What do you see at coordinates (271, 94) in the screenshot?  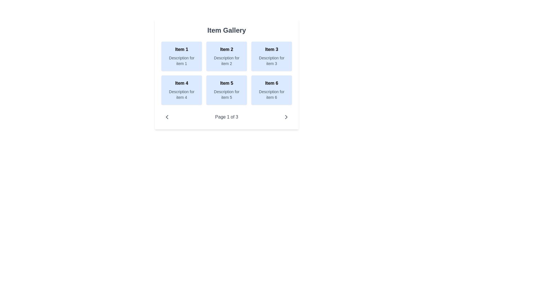 I see `the text block displaying 'Description for item 6', which is located beneath the 'Item 6' title in the third card of the second row` at bounding box center [271, 94].